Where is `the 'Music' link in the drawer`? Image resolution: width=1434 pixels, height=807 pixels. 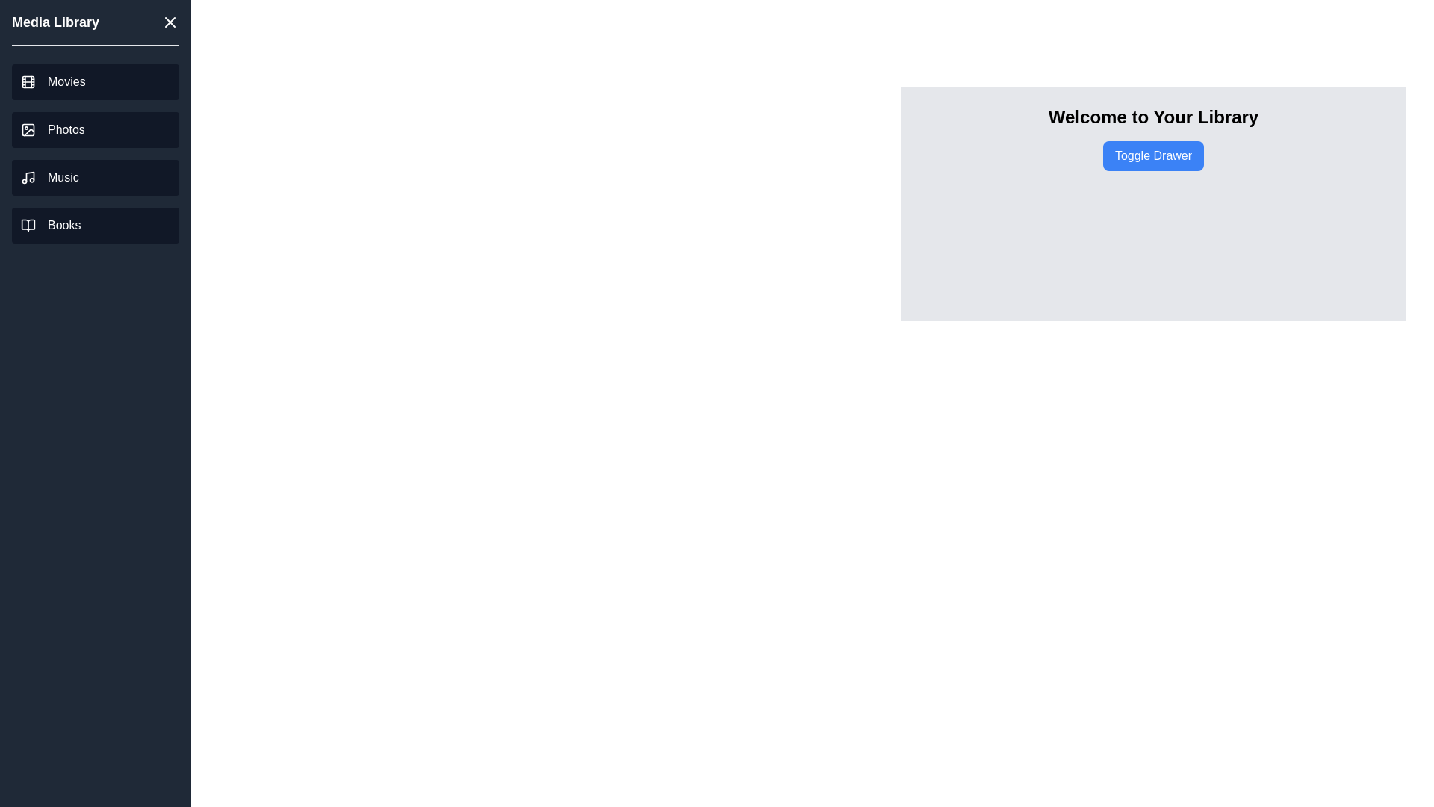
the 'Music' link in the drawer is located at coordinates (95, 177).